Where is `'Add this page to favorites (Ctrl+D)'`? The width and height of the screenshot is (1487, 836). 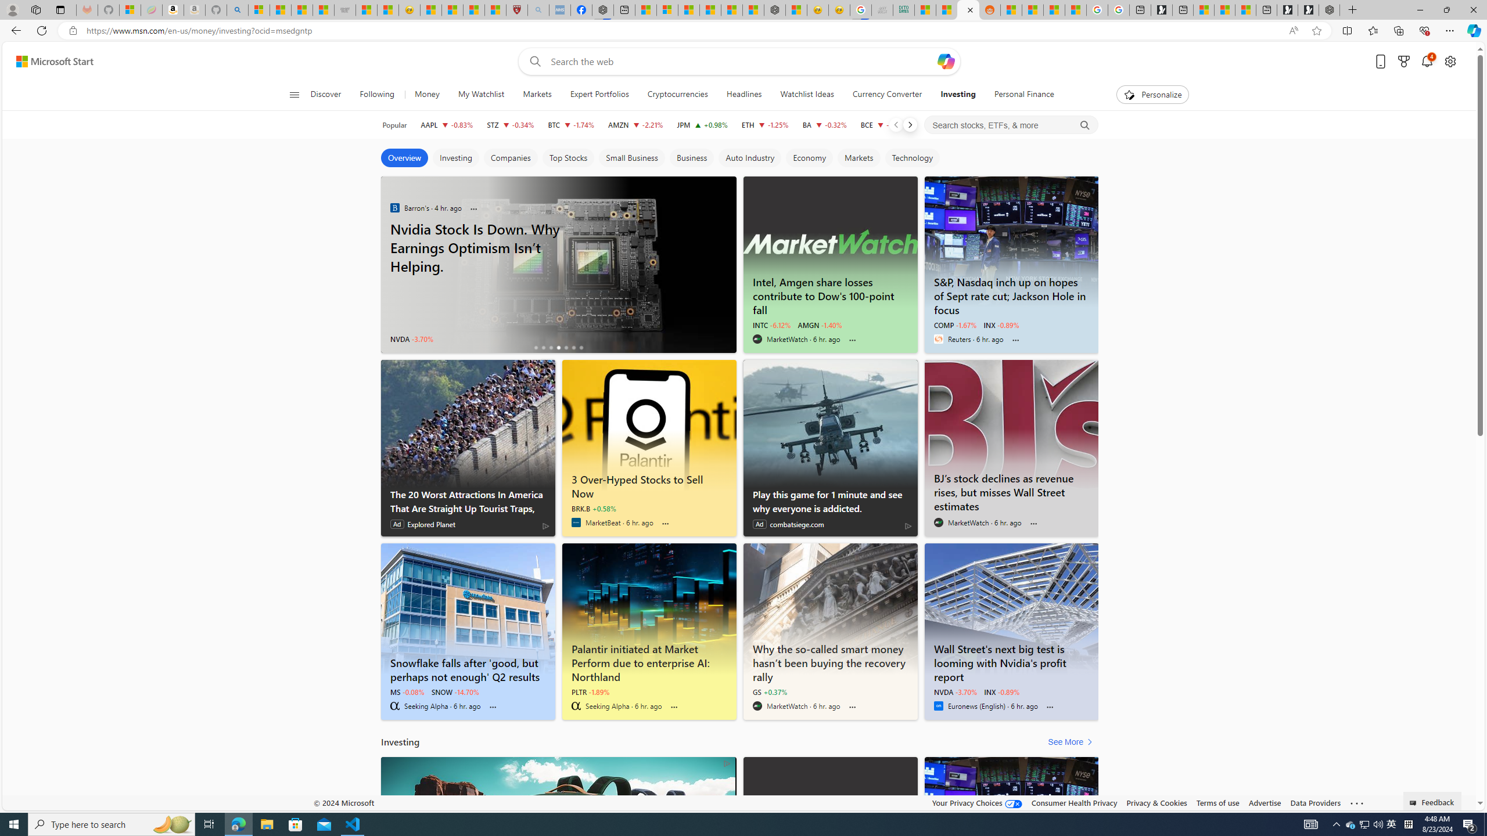
'Add this page to favorites (Ctrl+D)' is located at coordinates (1316, 31).